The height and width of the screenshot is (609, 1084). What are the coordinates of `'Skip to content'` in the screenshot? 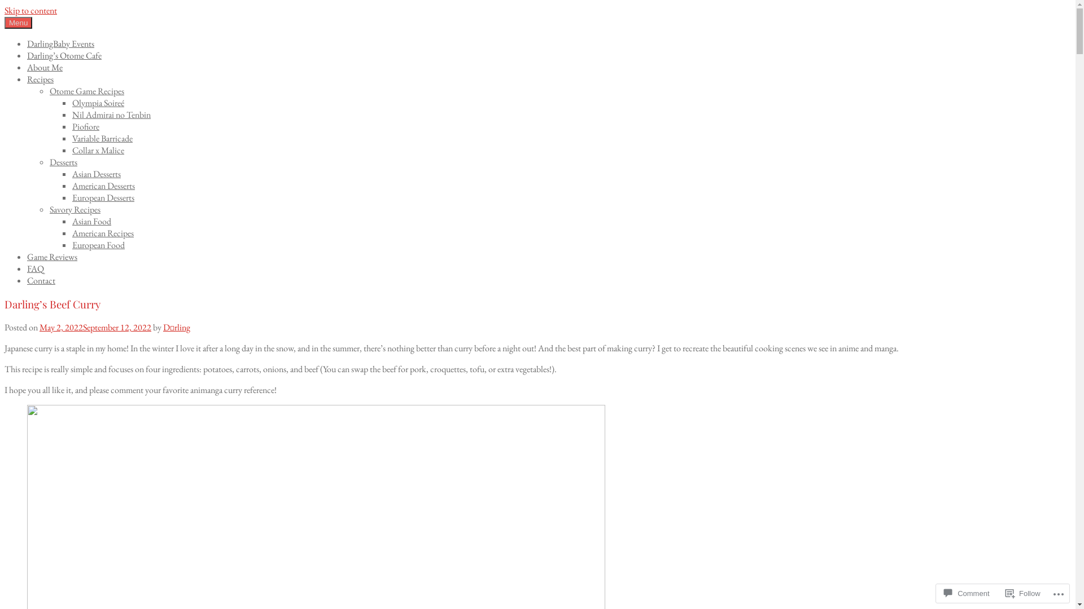 It's located at (30, 10).